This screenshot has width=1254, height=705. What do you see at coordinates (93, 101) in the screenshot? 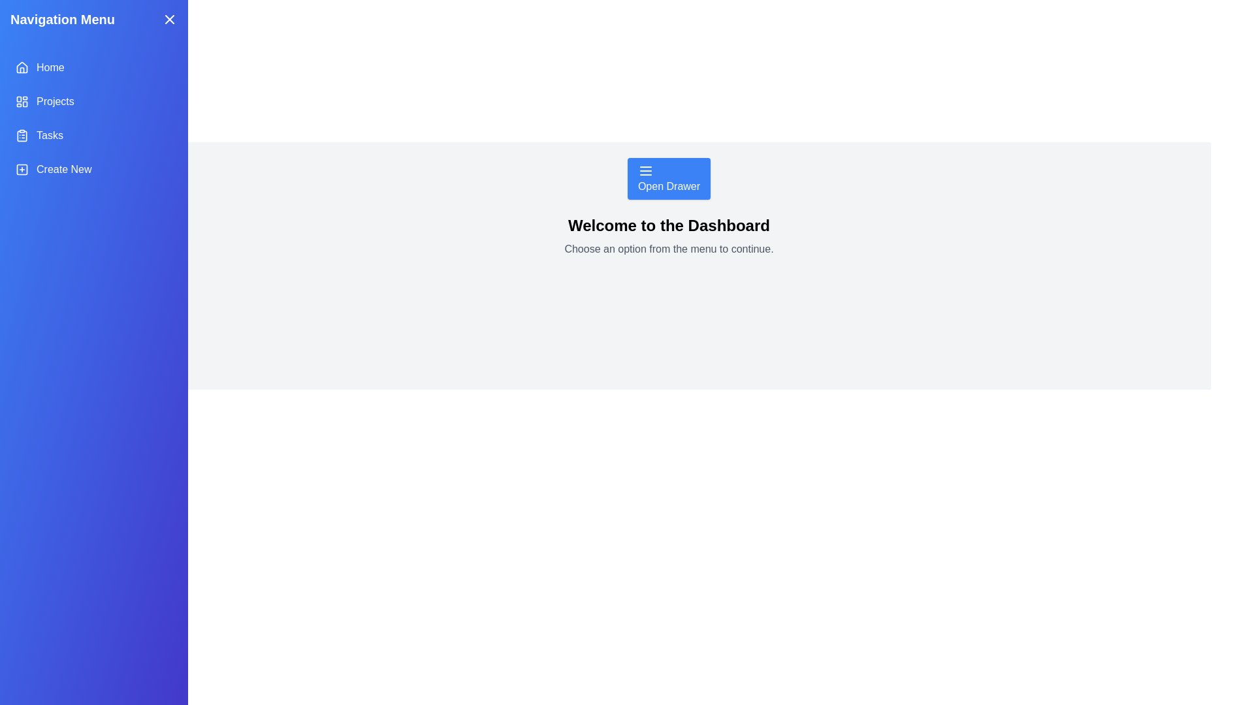
I see `the menu item Projects to select it` at bounding box center [93, 101].